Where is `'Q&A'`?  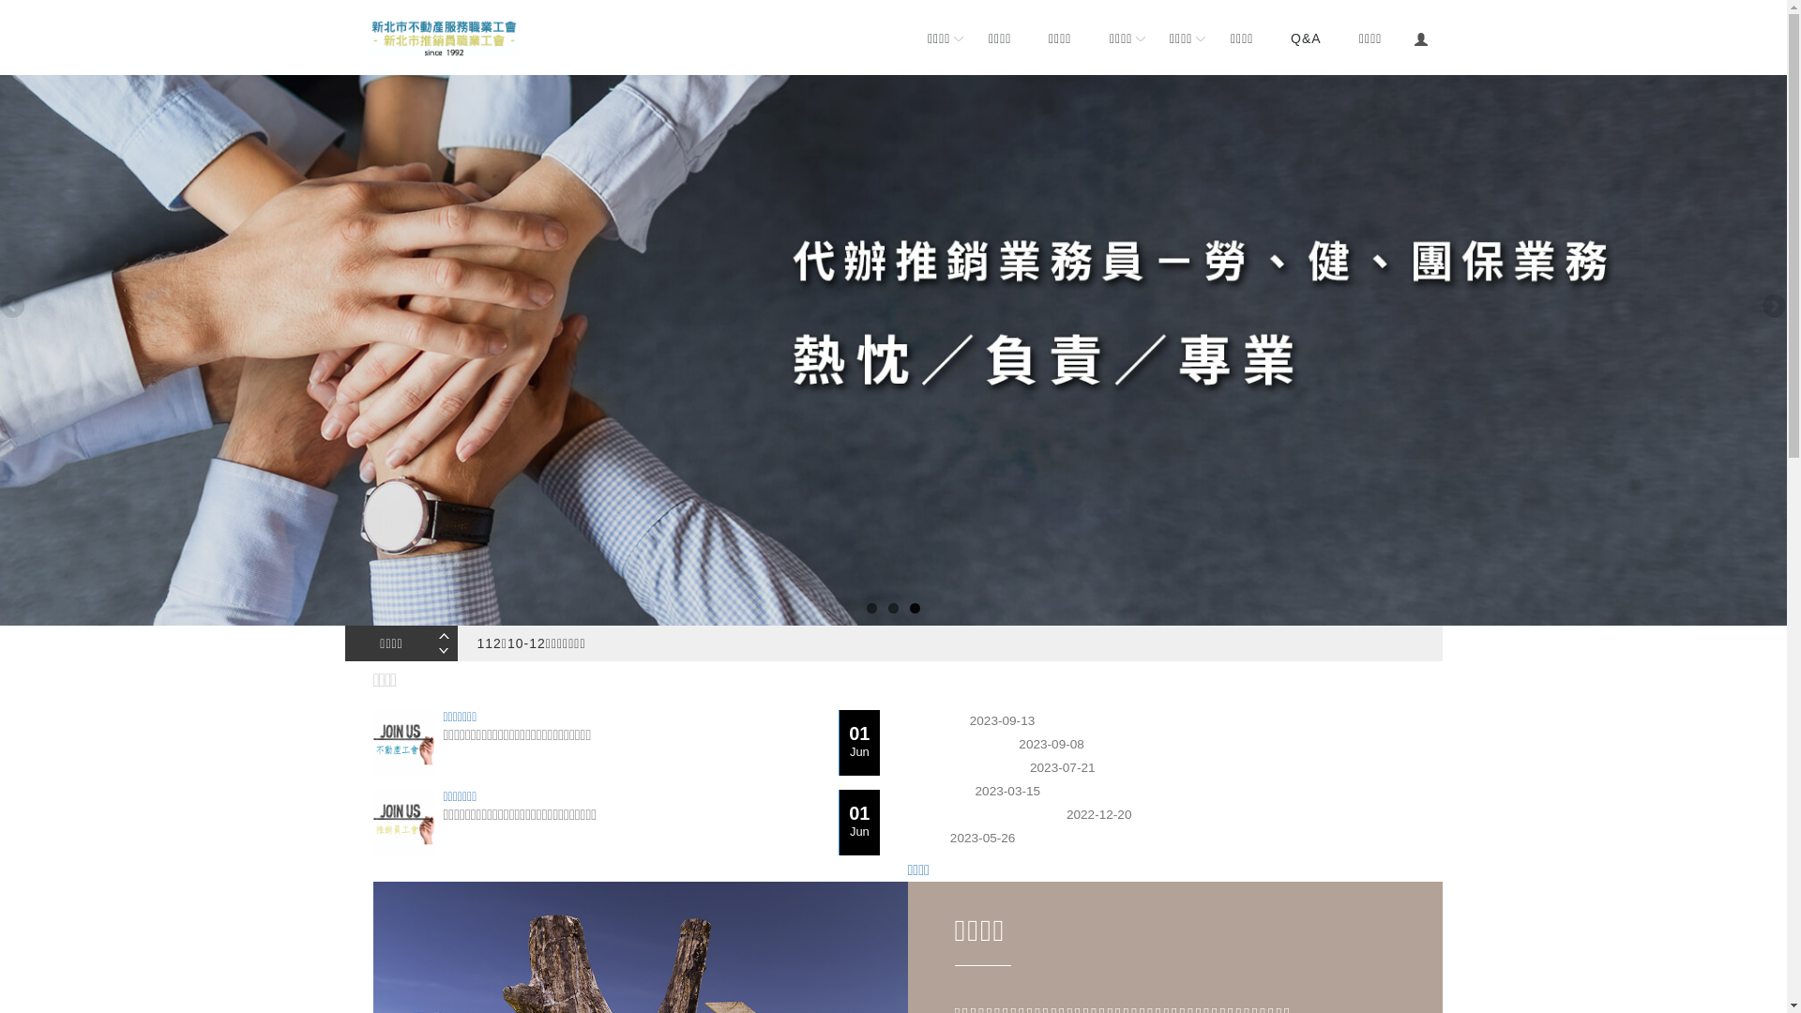 'Q&A' is located at coordinates (1304, 37).